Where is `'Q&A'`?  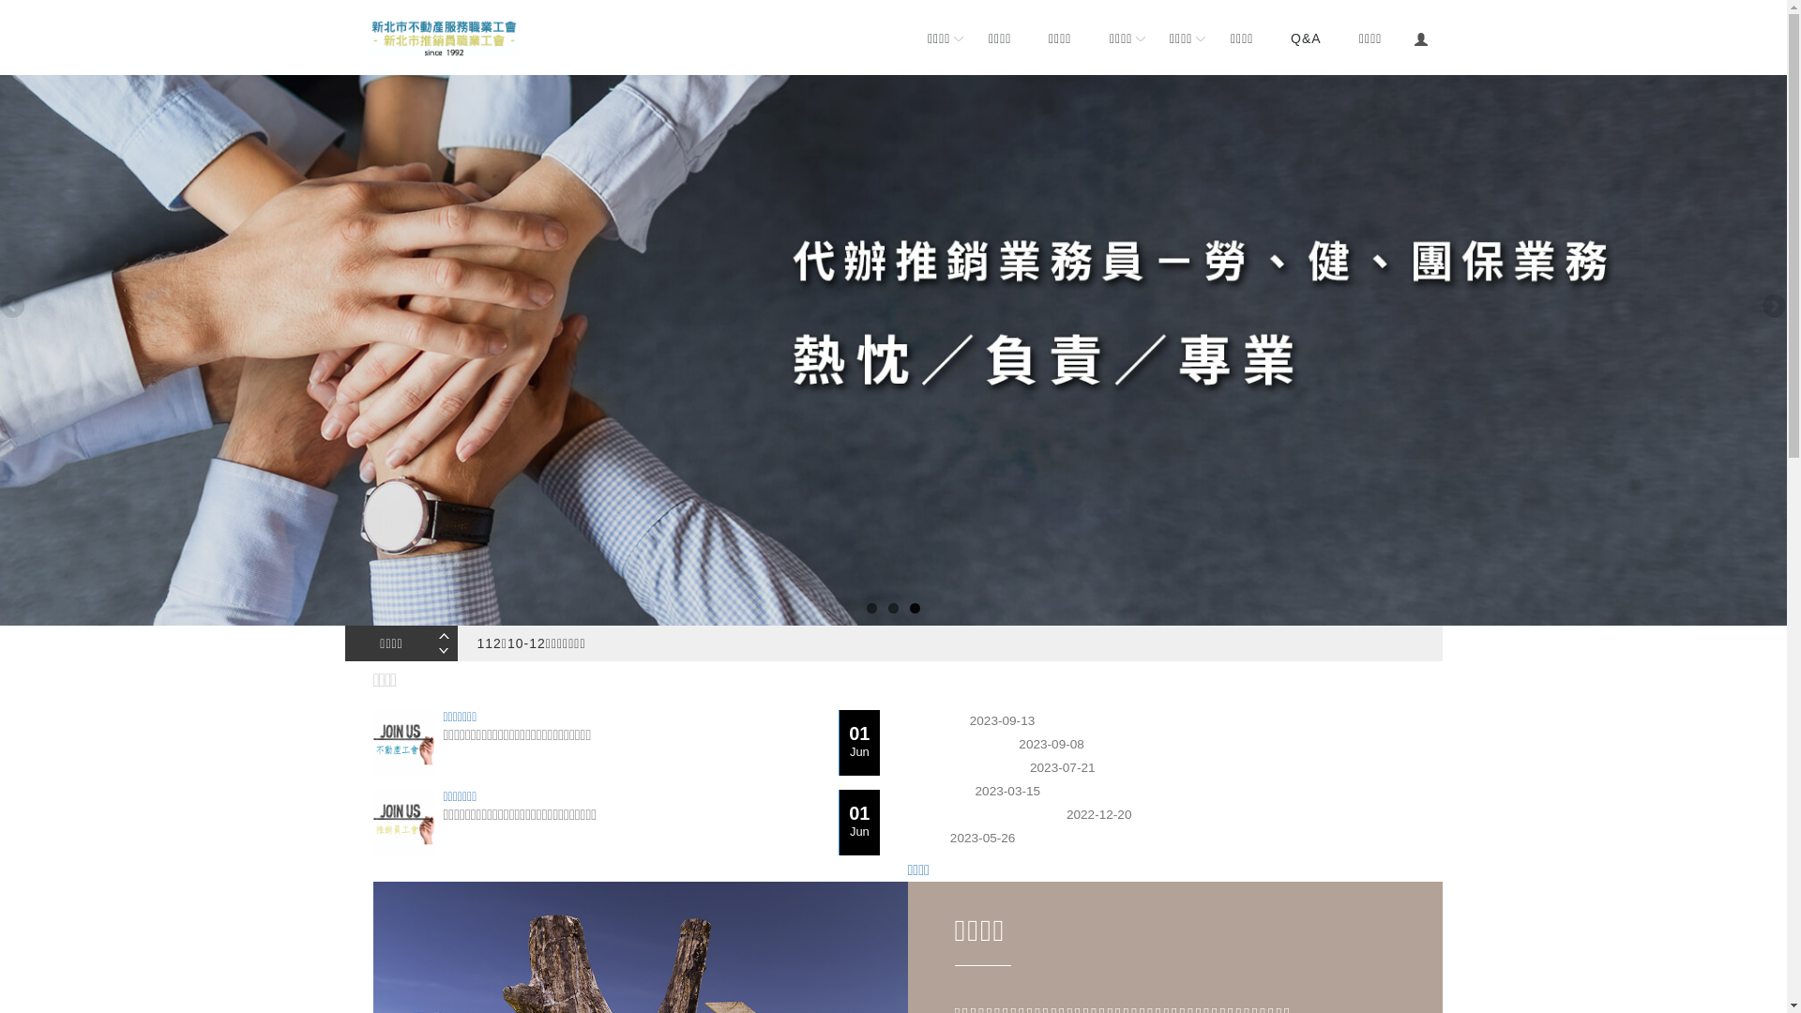 'Q&A' is located at coordinates (1304, 37).